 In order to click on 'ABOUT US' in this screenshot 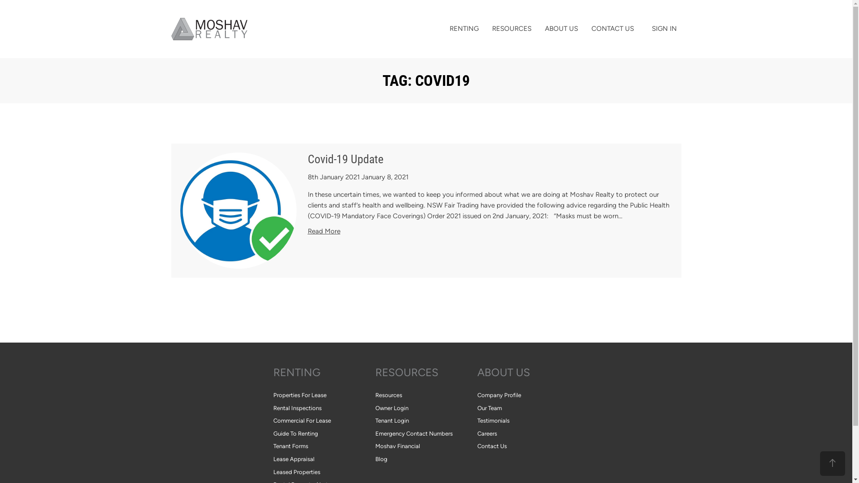, I will do `click(528, 373)`.